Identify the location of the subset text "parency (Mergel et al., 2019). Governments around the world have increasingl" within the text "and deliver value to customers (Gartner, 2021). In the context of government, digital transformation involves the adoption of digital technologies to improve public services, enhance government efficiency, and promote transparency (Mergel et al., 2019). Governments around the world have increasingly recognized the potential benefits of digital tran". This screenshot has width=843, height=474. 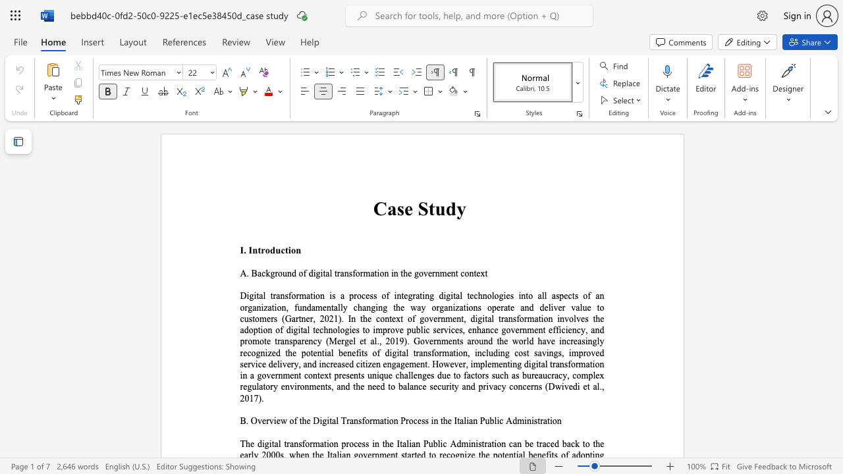
(292, 340).